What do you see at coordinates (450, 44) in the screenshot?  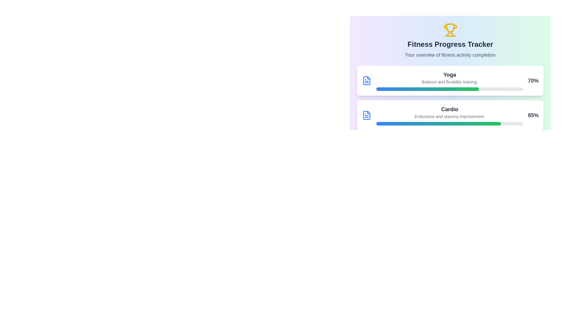 I see `the heading element that serves as the title for the fitness progress tracking section, positioned below a yellow trophy icon and above a smaller gray-text line` at bounding box center [450, 44].